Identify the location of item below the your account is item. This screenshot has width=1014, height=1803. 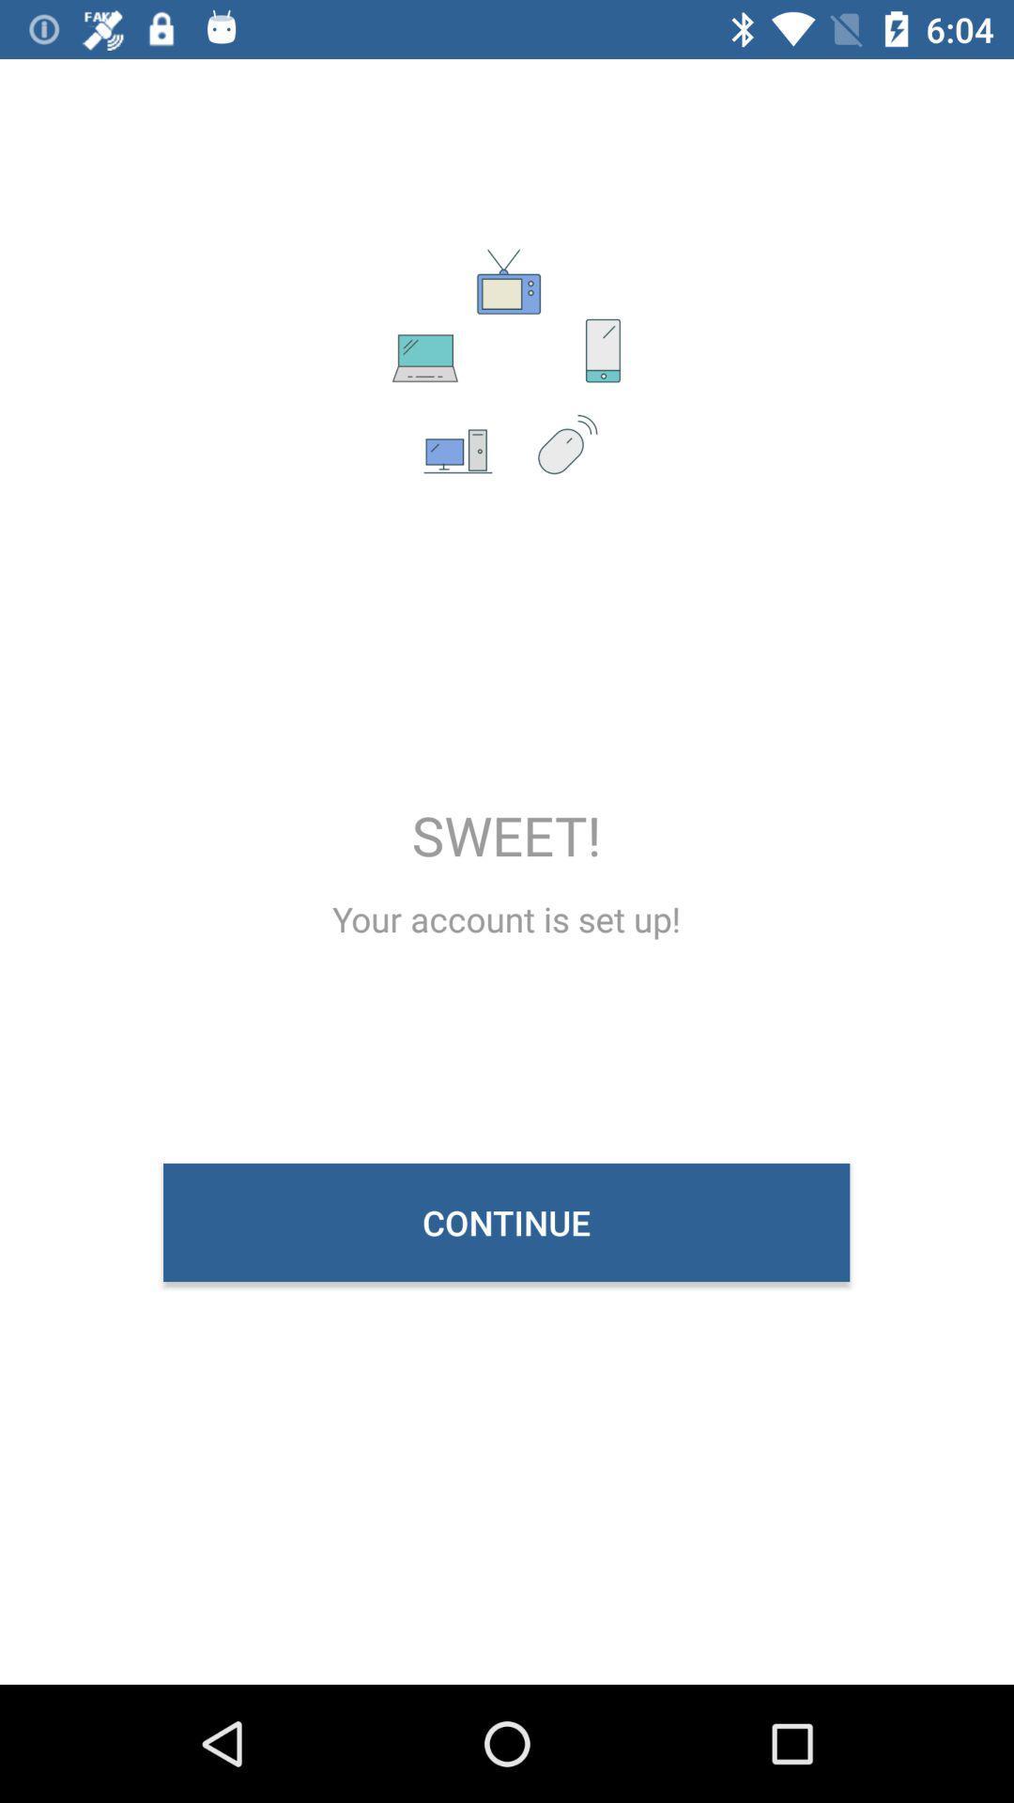
(505, 1222).